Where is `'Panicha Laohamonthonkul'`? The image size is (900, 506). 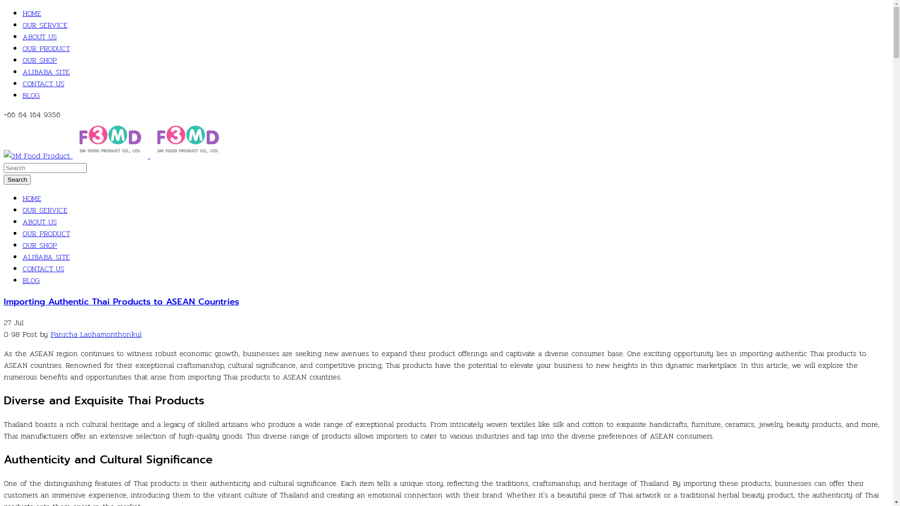
'Panicha Laohamonthonkul' is located at coordinates (96, 334).